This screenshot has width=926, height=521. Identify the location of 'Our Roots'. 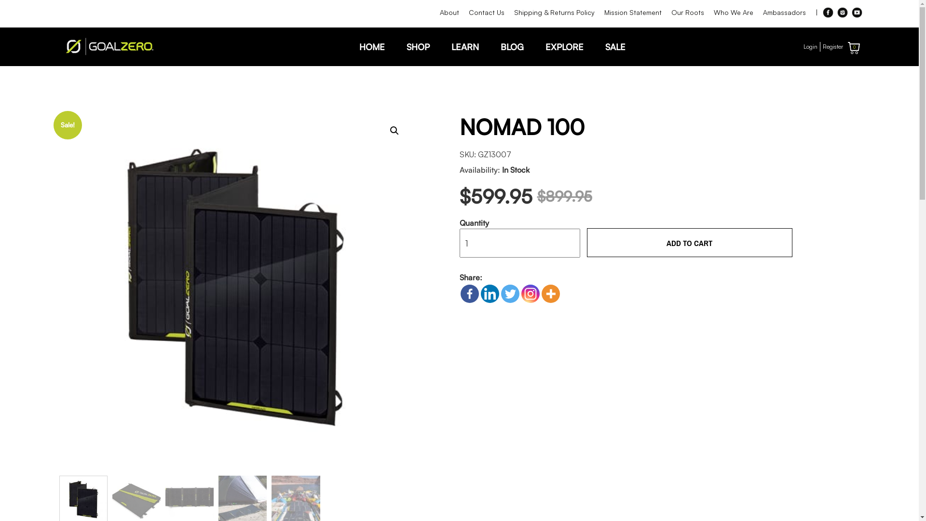
(687, 13).